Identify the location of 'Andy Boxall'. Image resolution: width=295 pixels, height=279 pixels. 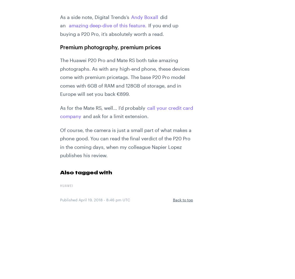
(145, 17).